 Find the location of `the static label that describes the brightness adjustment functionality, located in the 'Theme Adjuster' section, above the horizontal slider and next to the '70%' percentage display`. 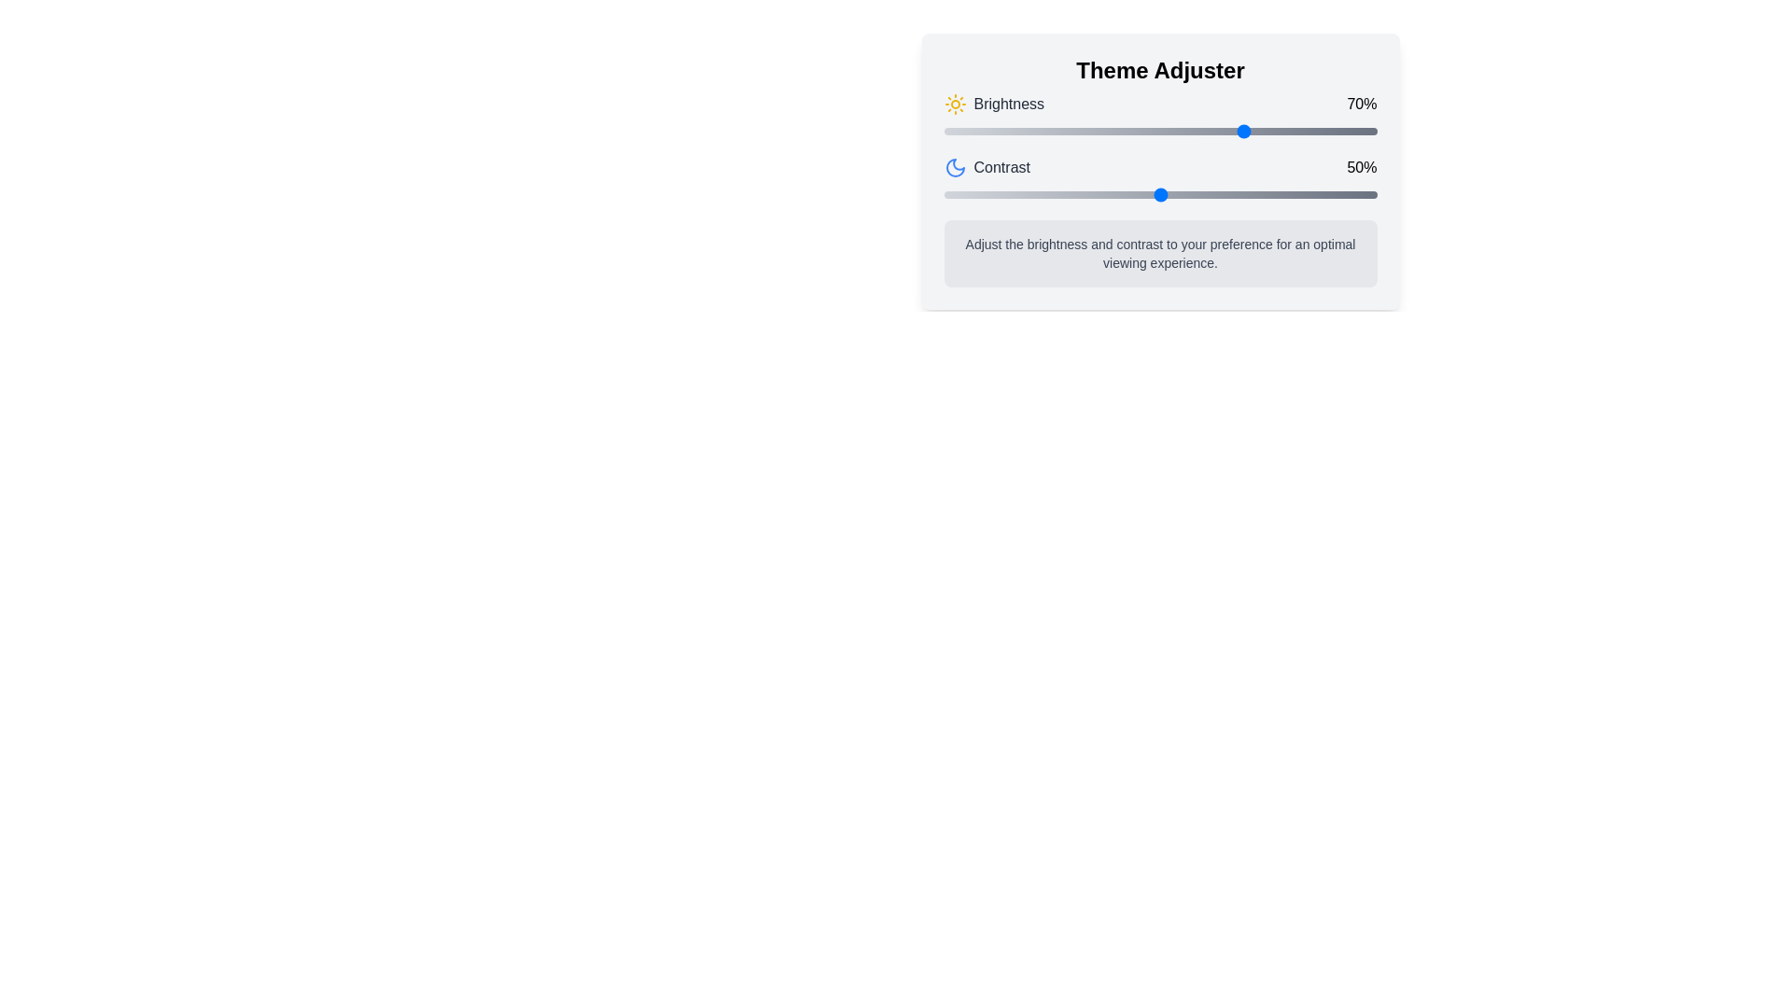

the static label that describes the brightness adjustment functionality, located in the 'Theme Adjuster' section, above the horizontal slider and next to the '70%' percentage display is located at coordinates (993, 104).